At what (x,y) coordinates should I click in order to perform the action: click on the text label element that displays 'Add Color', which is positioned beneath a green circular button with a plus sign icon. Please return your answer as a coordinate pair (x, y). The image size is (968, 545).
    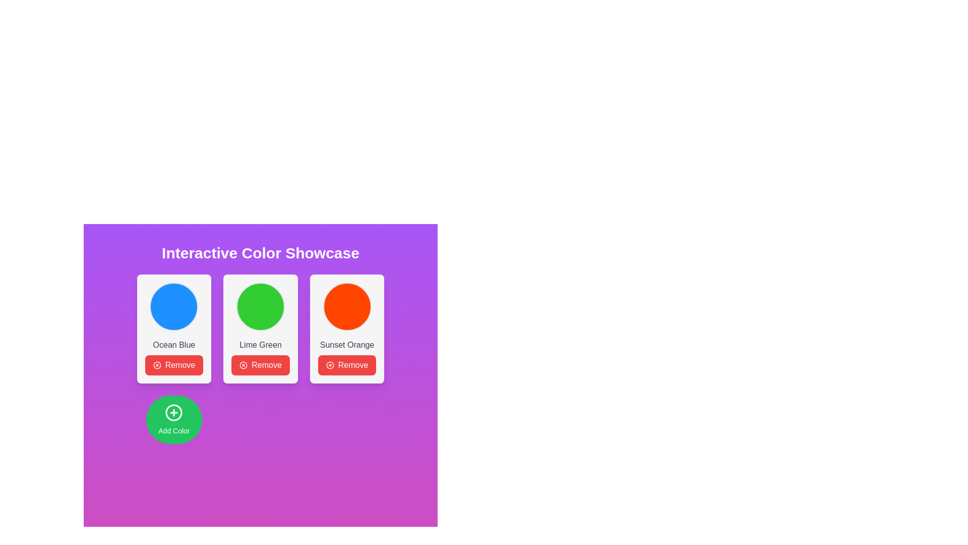
    Looking at the image, I should click on (174, 430).